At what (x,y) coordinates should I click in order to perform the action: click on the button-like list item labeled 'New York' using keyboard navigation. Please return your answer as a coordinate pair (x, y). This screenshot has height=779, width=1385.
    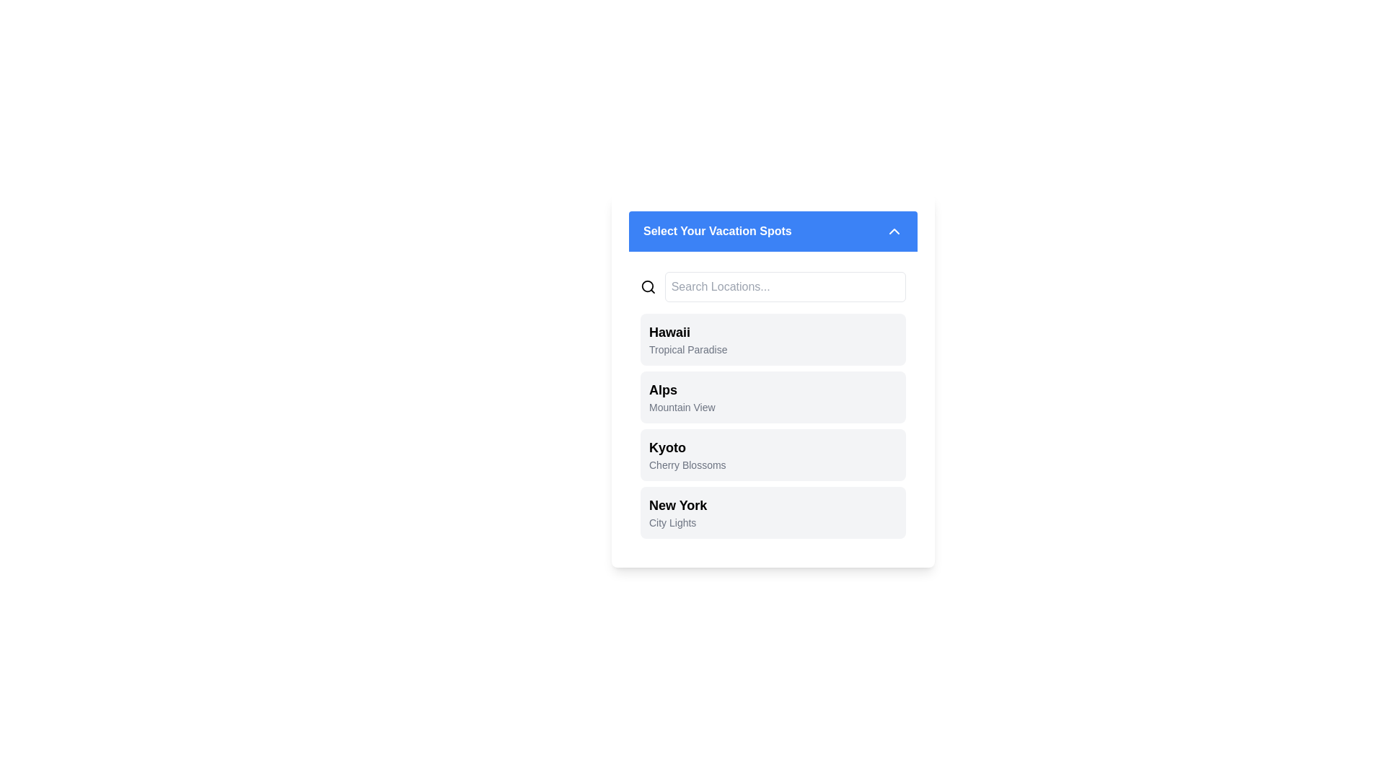
    Looking at the image, I should click on (772, 511).